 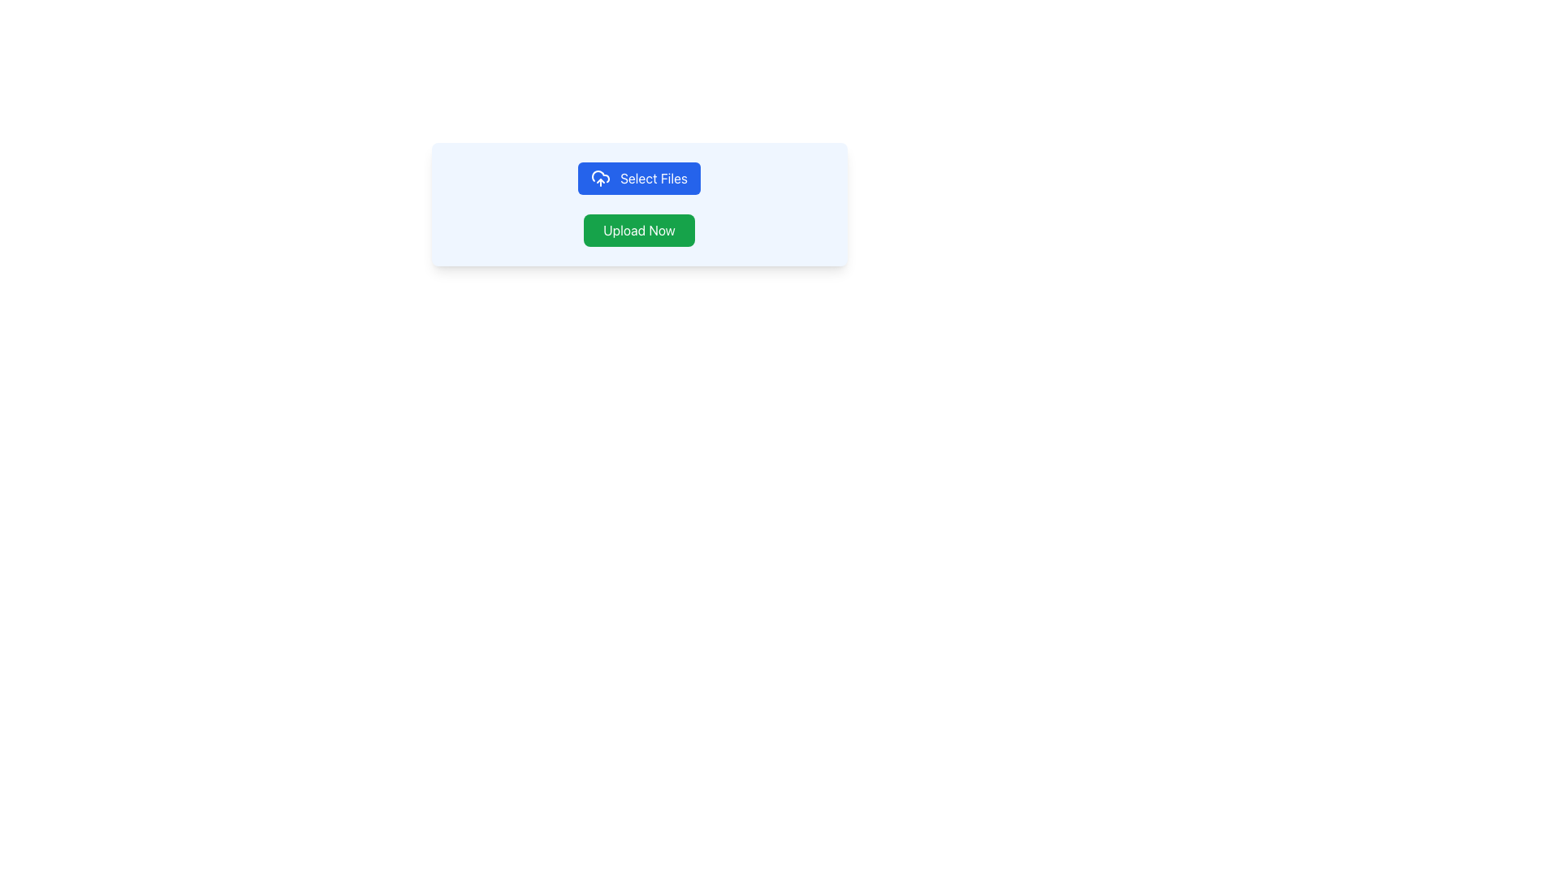 What do you see at coordinates (638, 178) in the screenshot?
I see `the file upload button located at the top of the vertical layout` at bounding box center [638, 178].